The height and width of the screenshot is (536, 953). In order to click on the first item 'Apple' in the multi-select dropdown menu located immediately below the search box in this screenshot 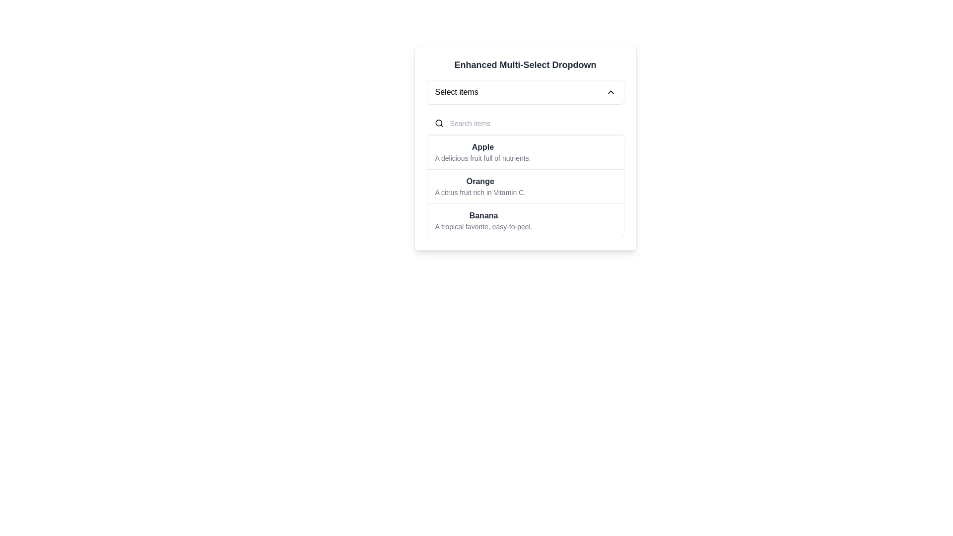, I will do `click(525, 148)`.